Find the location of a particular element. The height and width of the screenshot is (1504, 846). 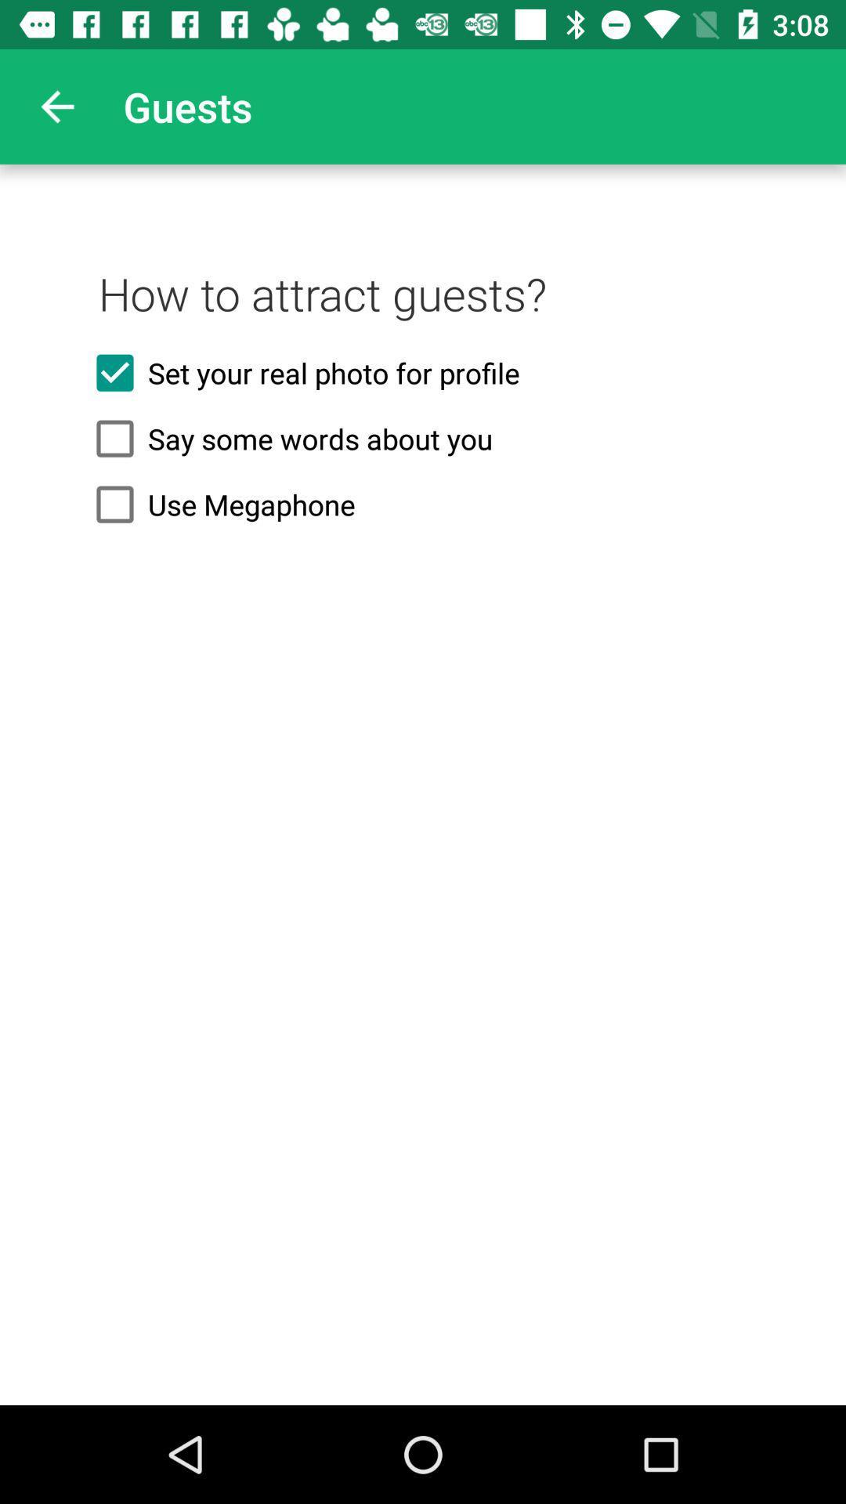

say some words is located at coordinates (423, 439).